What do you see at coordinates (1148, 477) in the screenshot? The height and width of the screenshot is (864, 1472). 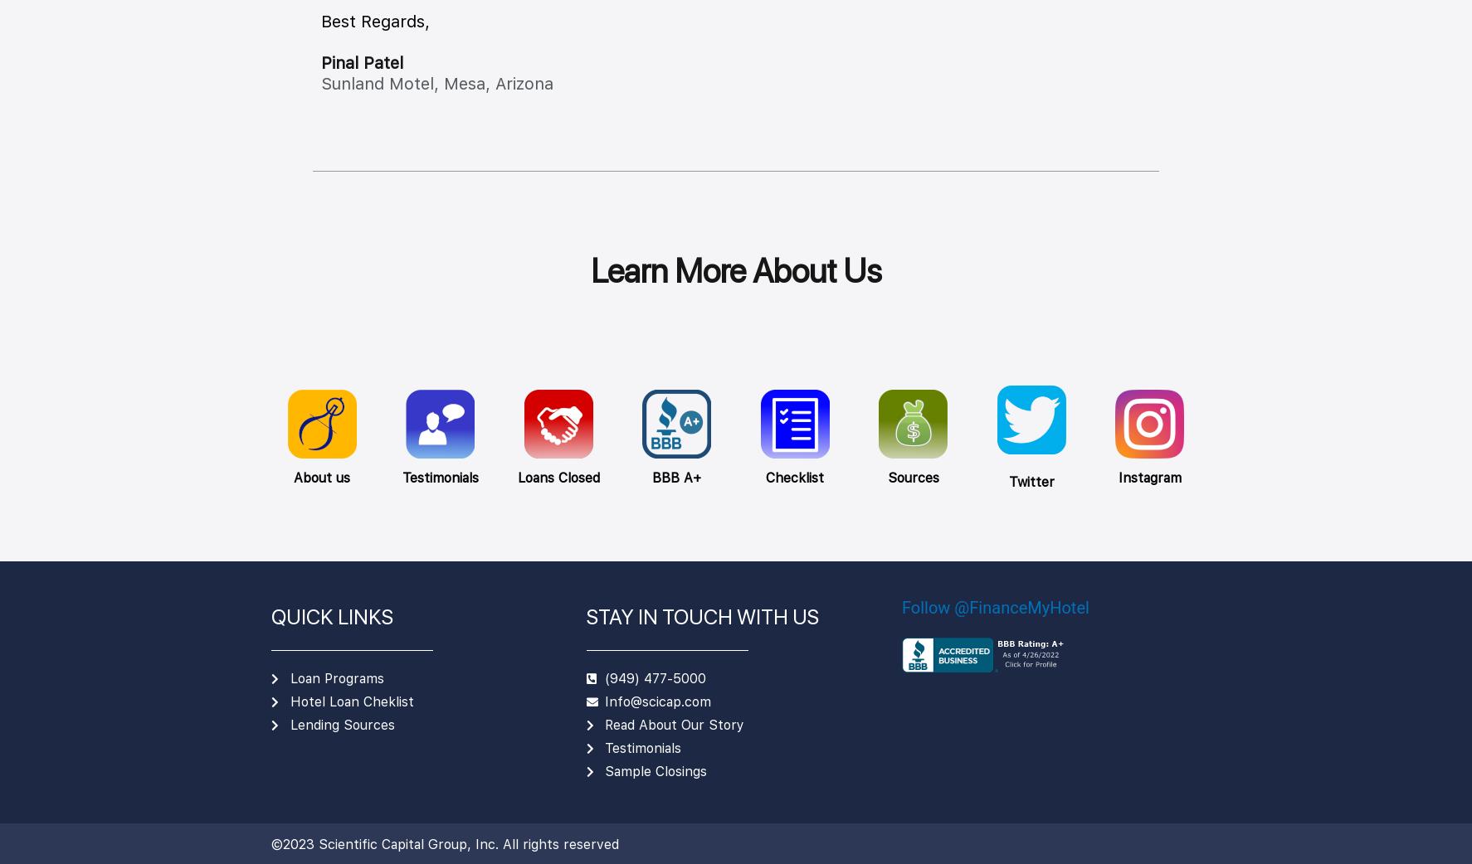 I see `'Instagram'` at bounding box center [1148, 477].